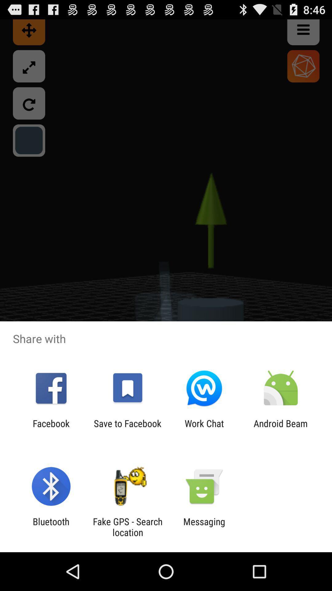  Describe the element at coordinates (127, 428) in the screenshot. I see `save to facebook app` at that location.